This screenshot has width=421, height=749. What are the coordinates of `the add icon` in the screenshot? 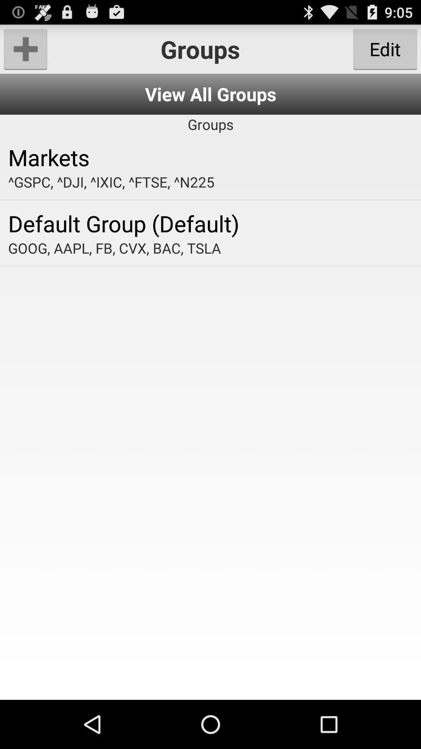 It's located at (25, 52).